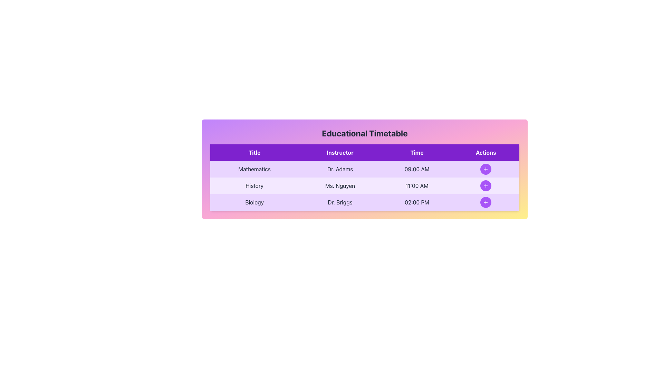 The width and height of the screenshot is (663, 373). Describe the element at coordinates (364, 185) in the screenshot. I see `the second row of the timetable, which displays the class information for 'History' taught by 'Ms. Nguyen' at '11:00 AM'` at that location.